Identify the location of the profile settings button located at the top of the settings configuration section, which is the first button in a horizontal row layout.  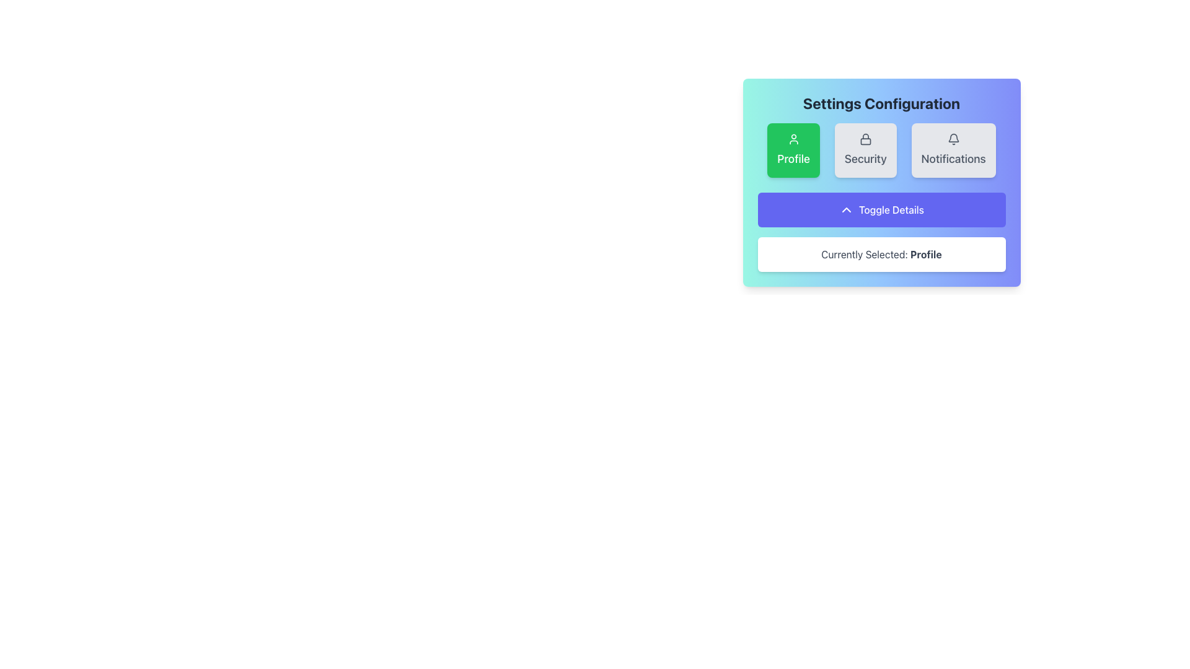
(793, 150).